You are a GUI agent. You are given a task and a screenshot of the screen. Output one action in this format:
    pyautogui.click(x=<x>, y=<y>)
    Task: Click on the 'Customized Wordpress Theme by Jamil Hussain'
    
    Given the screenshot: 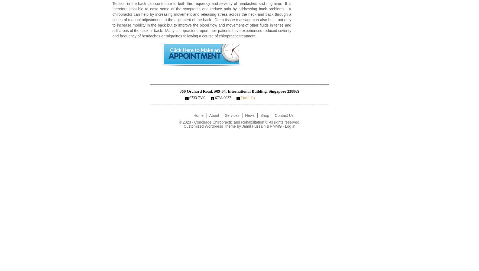 What is the action you would take?
    pyautogui.click(x=225, y=126)
    